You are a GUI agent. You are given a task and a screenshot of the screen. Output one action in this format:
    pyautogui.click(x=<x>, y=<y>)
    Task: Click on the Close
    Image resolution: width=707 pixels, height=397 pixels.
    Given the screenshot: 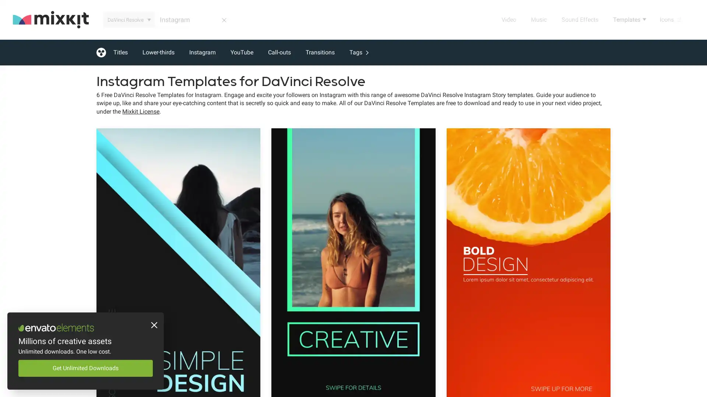 What is the action you would take?
    pyautogui.click(x=153, y=326)
    